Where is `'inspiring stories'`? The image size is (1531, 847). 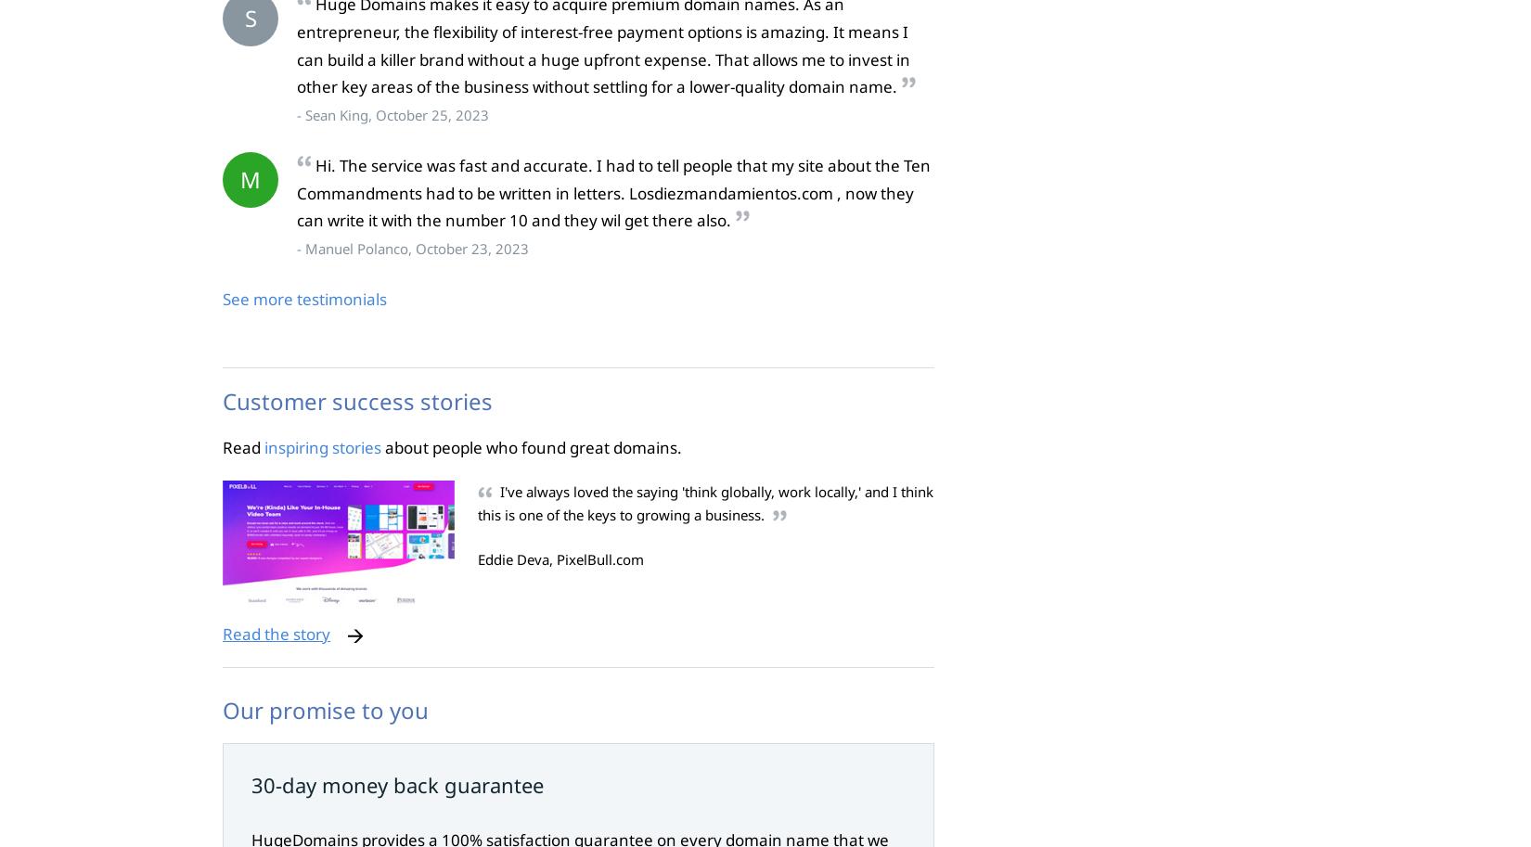
'inspiring stories' is located at coordinates (322, 446).